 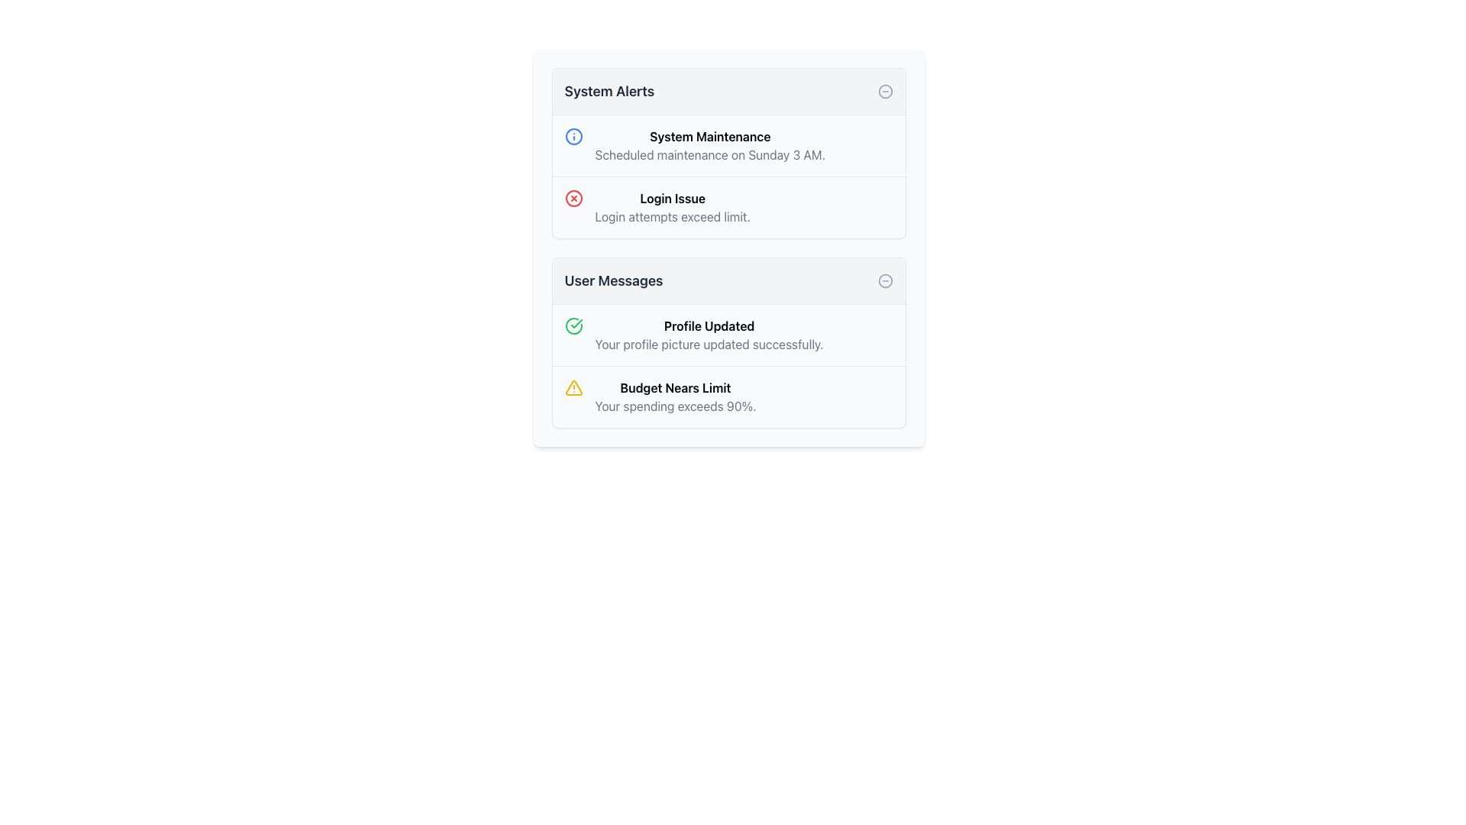 What do you see at coordinates (674, 387) in the screenshot?
I see `the text label displaying 'Budget Nears Limit' which is the primary heading in the notification box under 'User Messages'` at bounding box center [674, 387].